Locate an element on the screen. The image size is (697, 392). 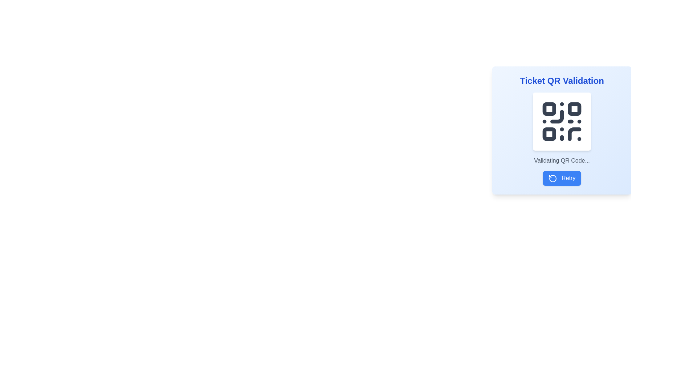
the decorative SVG icon located within the Retry button at the bottom center of the 'Ticket QR Validation' dialog, which indicates the retry action is located at coordinates (552, 178).